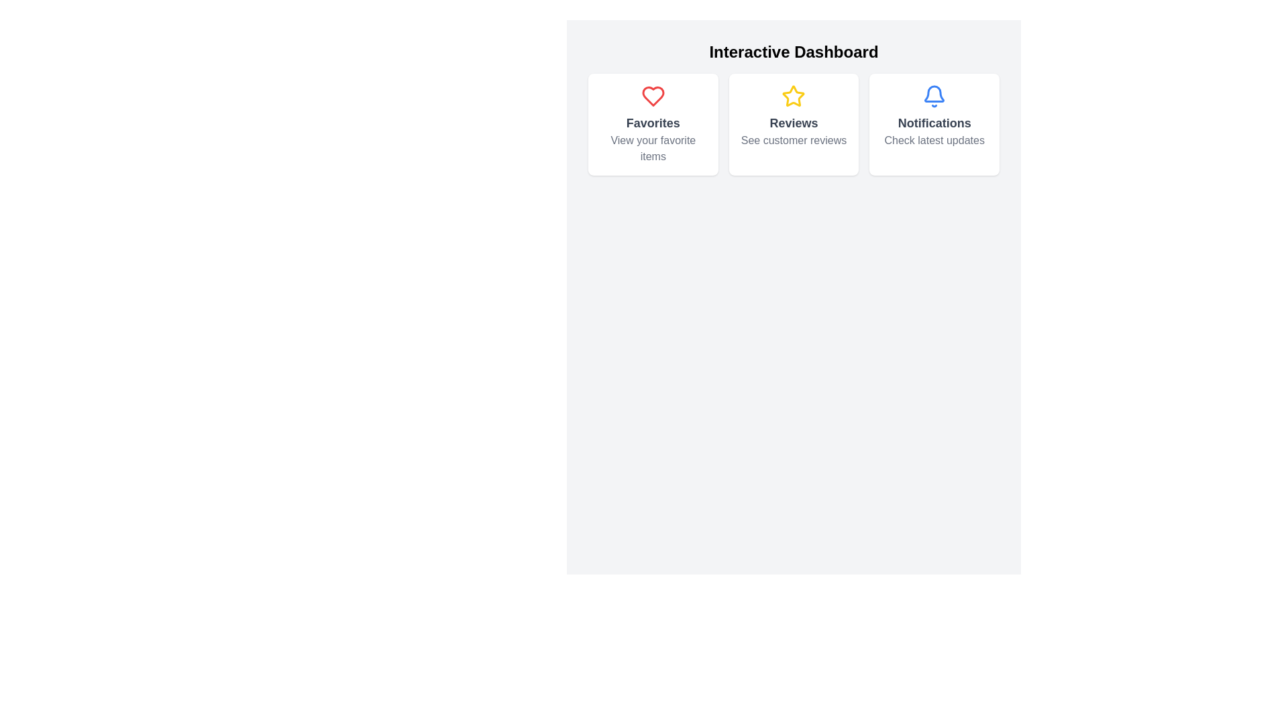  I want to click on the text label providing additional information about the 'Reviews' card, which is located directly below the bold 'Reviews' label in the 'Interactive Dashboard', so click(794, 140).